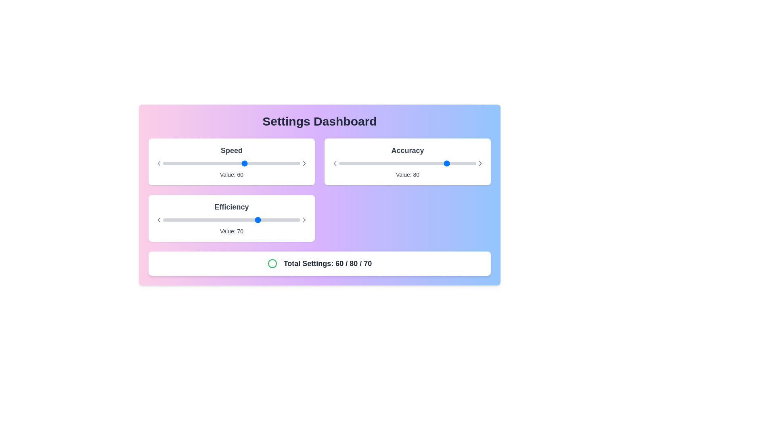 Image resolution: width=775 pixels, height=436 pixels. I want to click on accuracy slider, so click(348, 163).